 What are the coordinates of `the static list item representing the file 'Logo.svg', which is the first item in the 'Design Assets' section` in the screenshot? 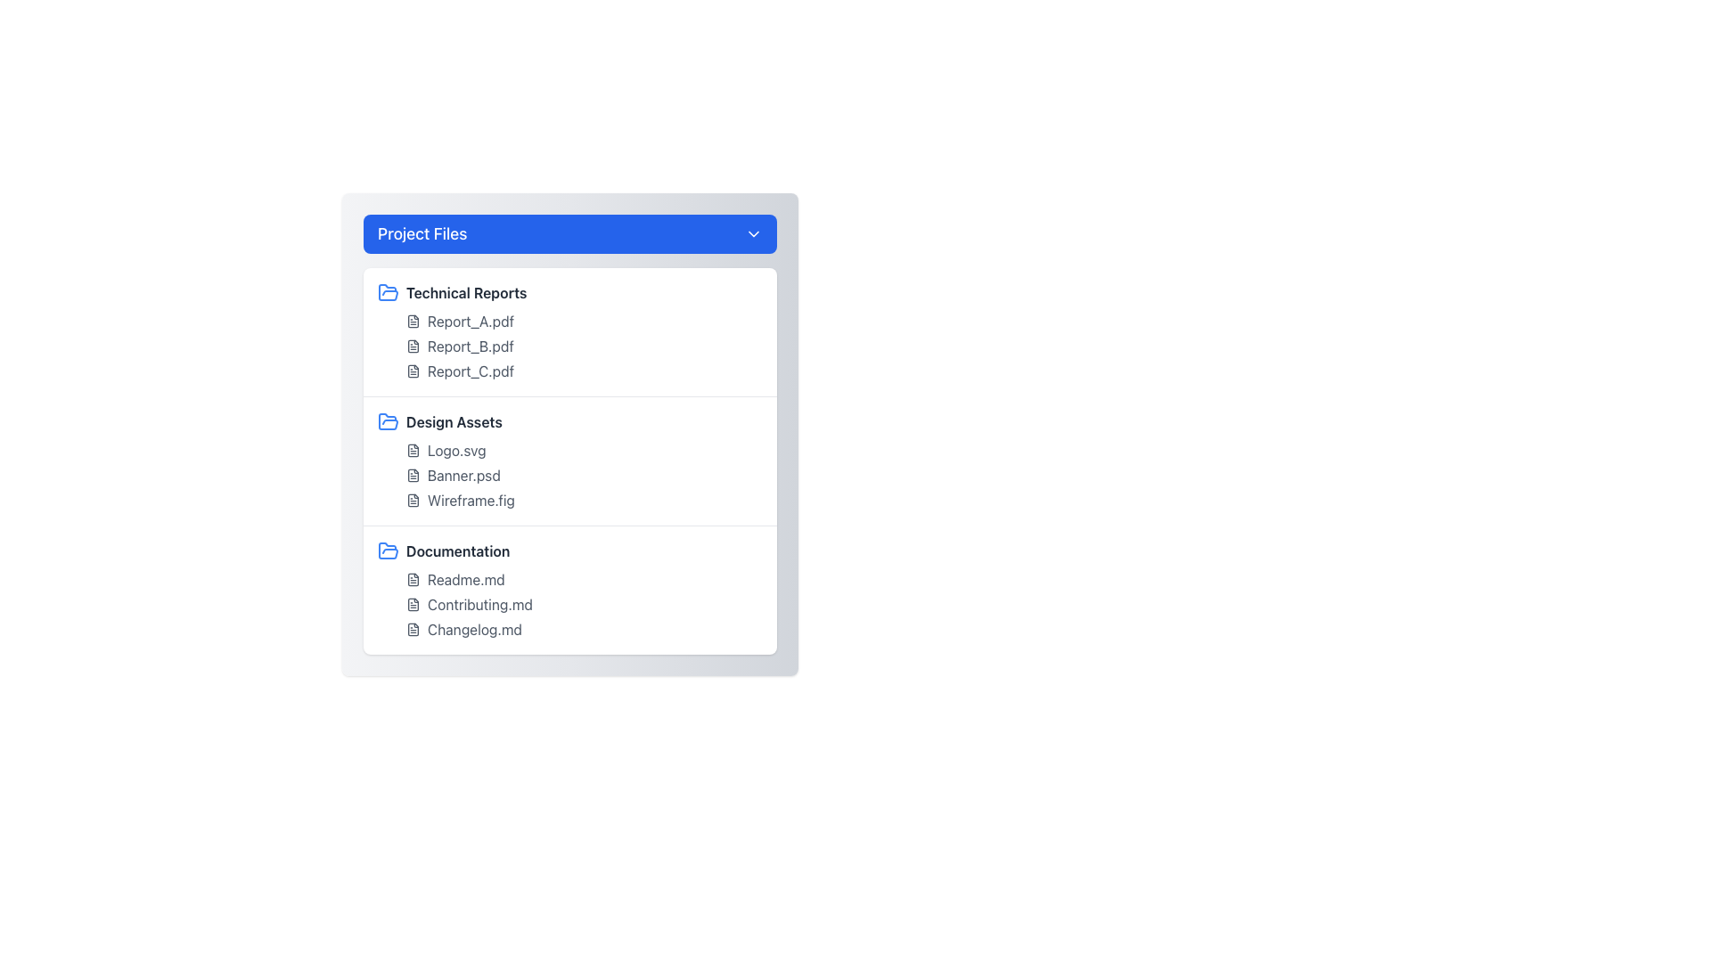 It's located at (585, 449).